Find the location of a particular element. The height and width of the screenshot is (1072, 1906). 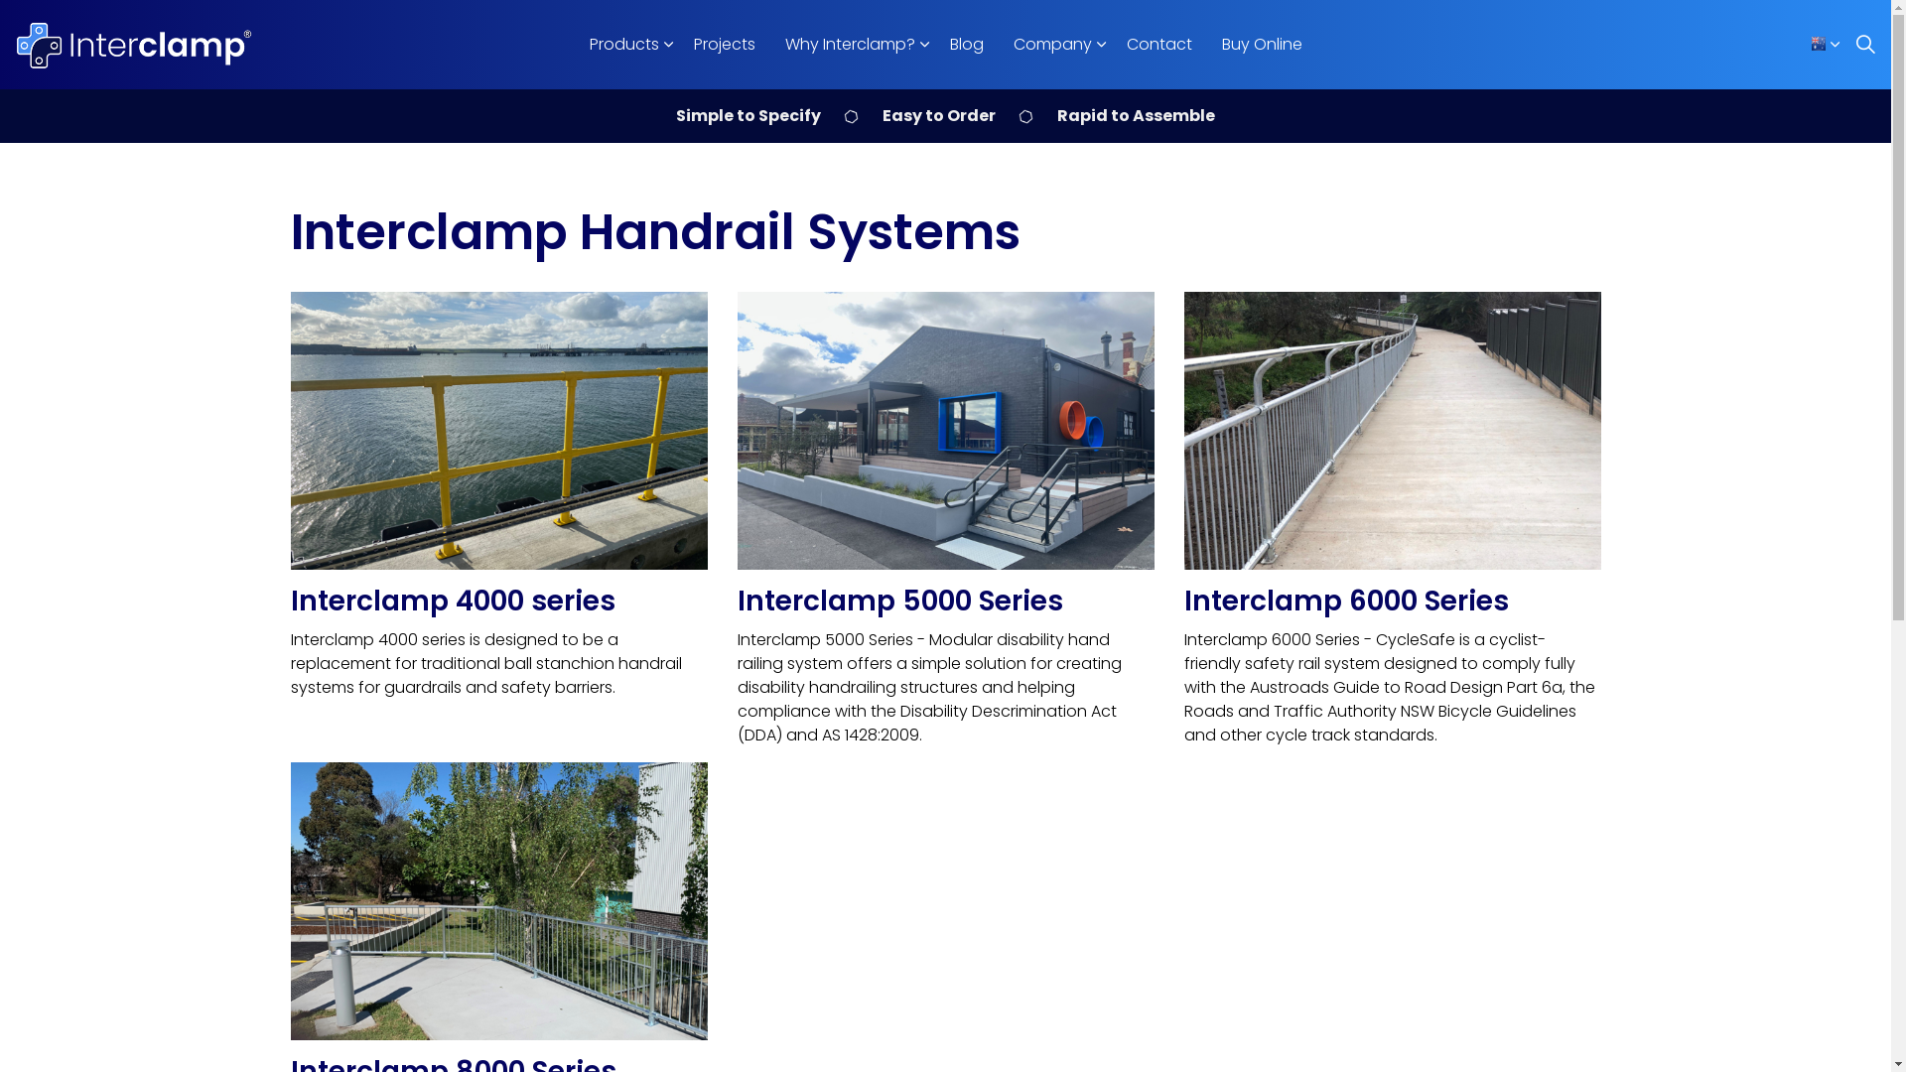

'Blog' is located at coordinates (933, 45).